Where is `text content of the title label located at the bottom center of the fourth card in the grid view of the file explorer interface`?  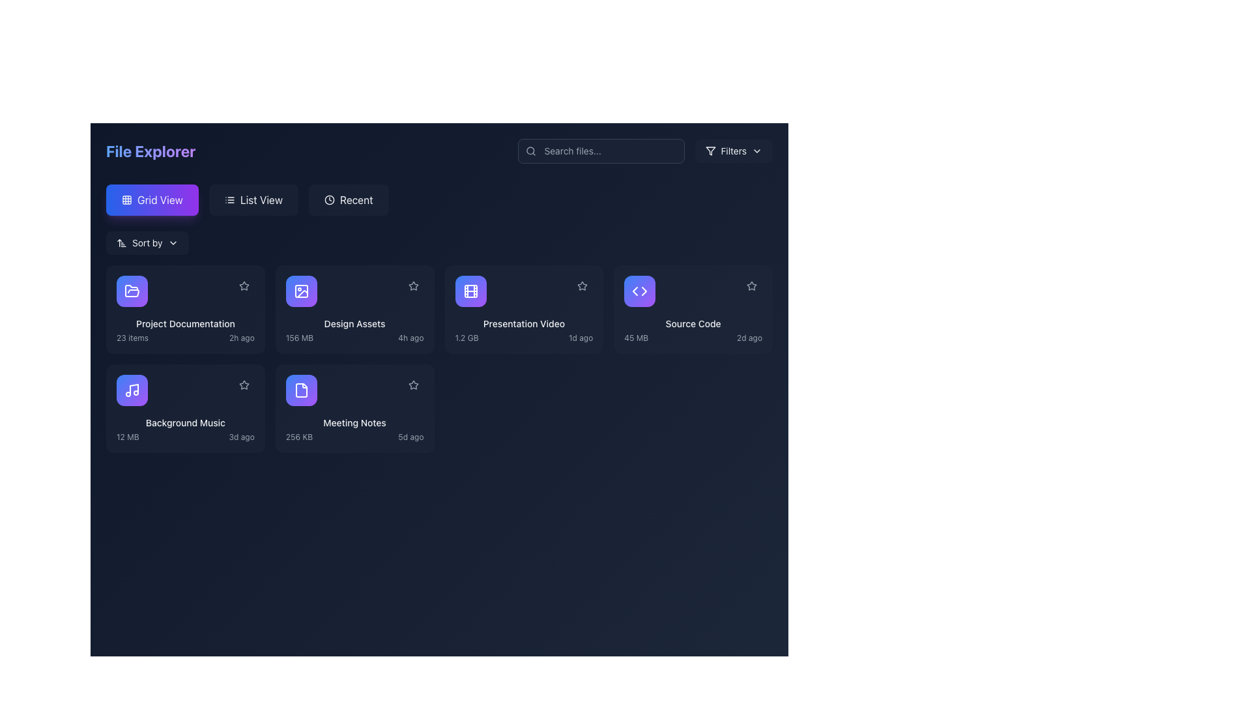 text content of the title label located at the bottom center of the fourth card in the grid view of the file explorer interface is located at coordinates (693, 323).